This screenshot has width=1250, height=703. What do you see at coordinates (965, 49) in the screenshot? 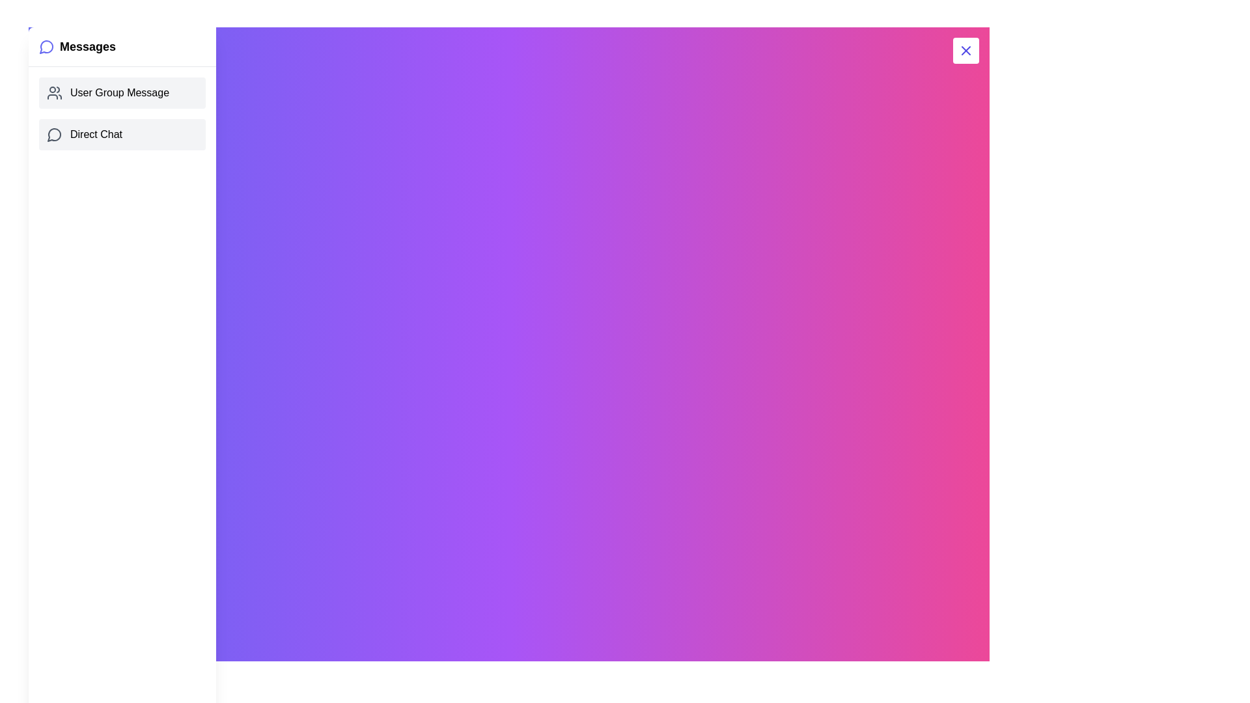
I see `the diagonal cross ('X') icon located in the upper-right corner of the interface, which is part of a button` at bounding box center [965, 49].